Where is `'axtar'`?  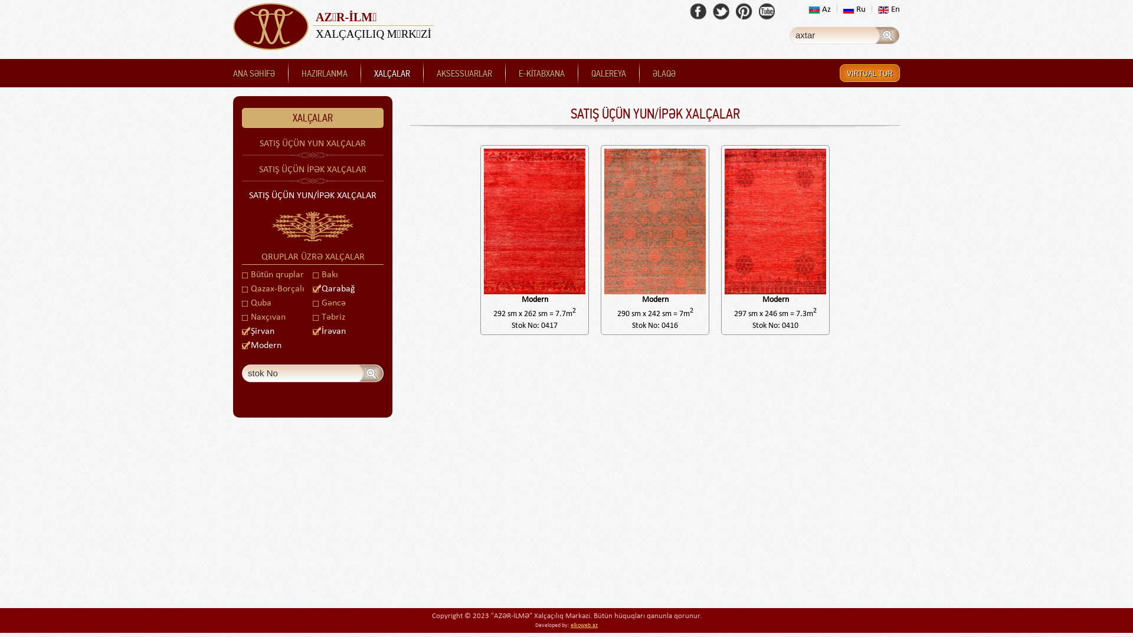
'axtar' is located at coordinates (888, 35).